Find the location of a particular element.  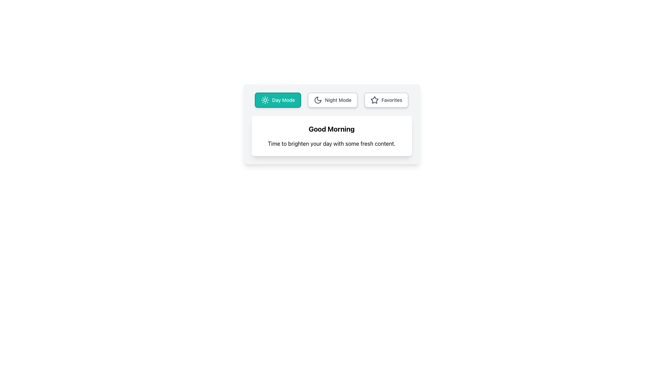

the 'Good Morning' text header displayed in a bold, extra-large font at the top of the white background card by moving the cursor to its center is located at coordinates (331, 129).